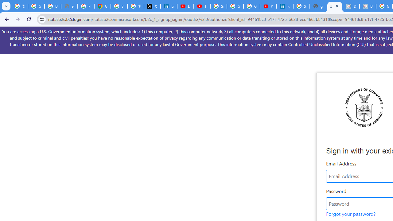 This screenshot has width=393, height=221. I want to click on 'Sign in - Google Accounts', so click(119, 6).